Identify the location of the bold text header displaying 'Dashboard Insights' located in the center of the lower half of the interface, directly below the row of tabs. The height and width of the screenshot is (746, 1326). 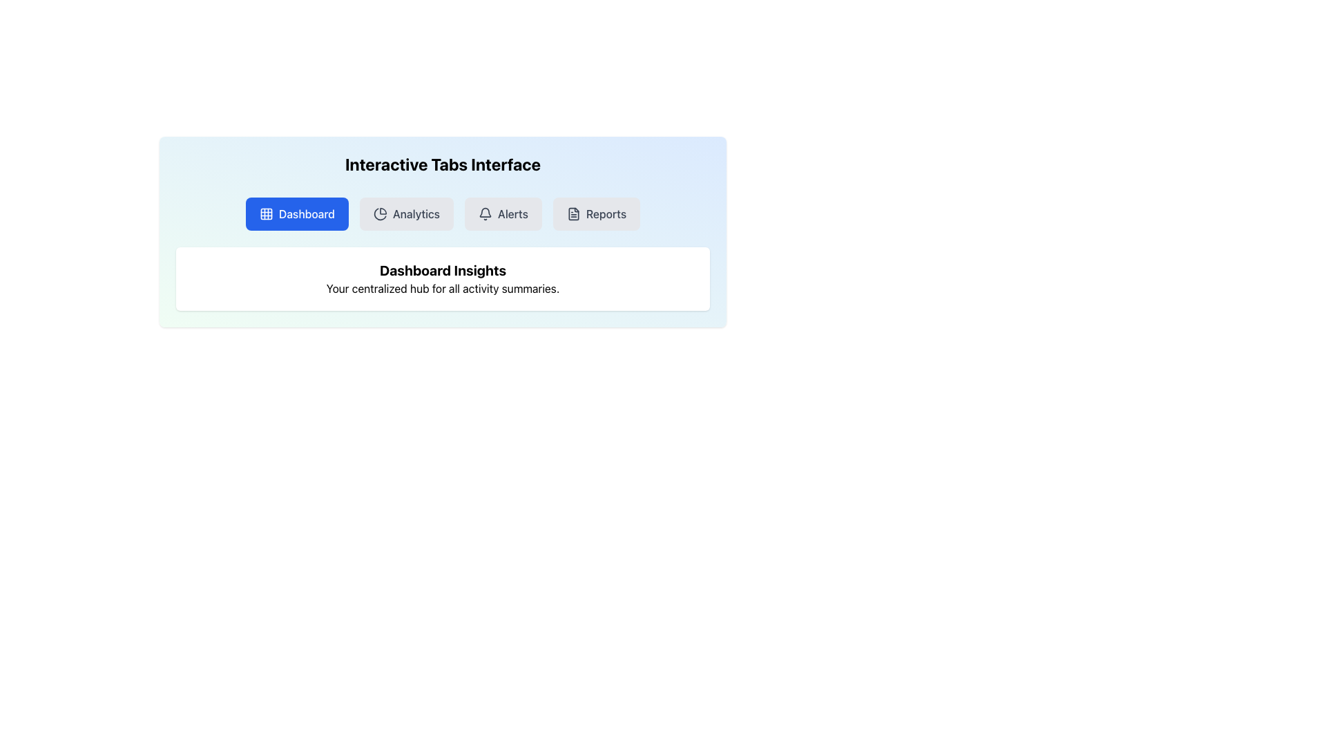
(443, 271).